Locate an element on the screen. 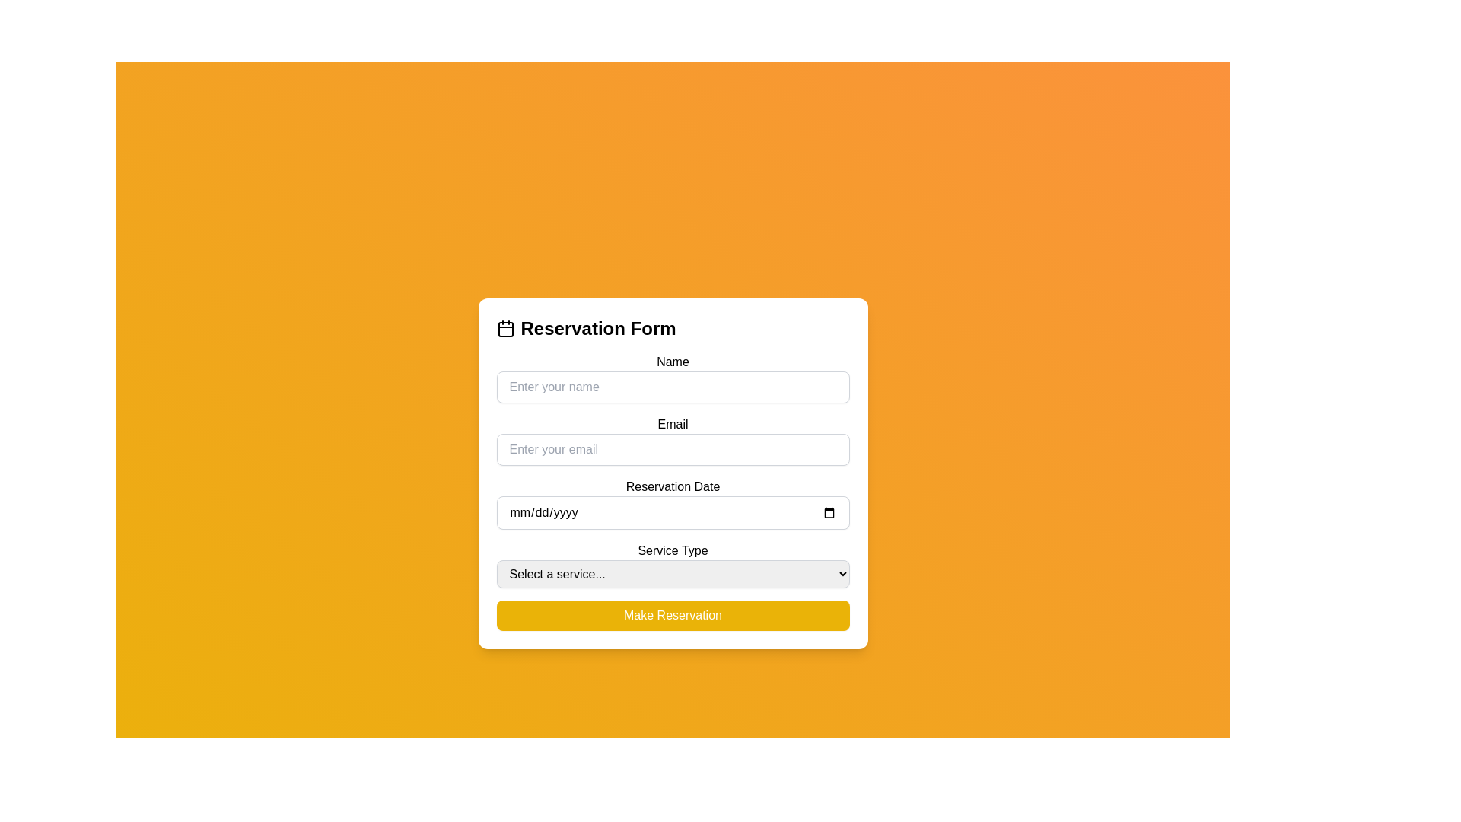  the prominent rectangular button with a yellow background and white text labeled 'Make Reservation' is located at coordinates (672, 614).